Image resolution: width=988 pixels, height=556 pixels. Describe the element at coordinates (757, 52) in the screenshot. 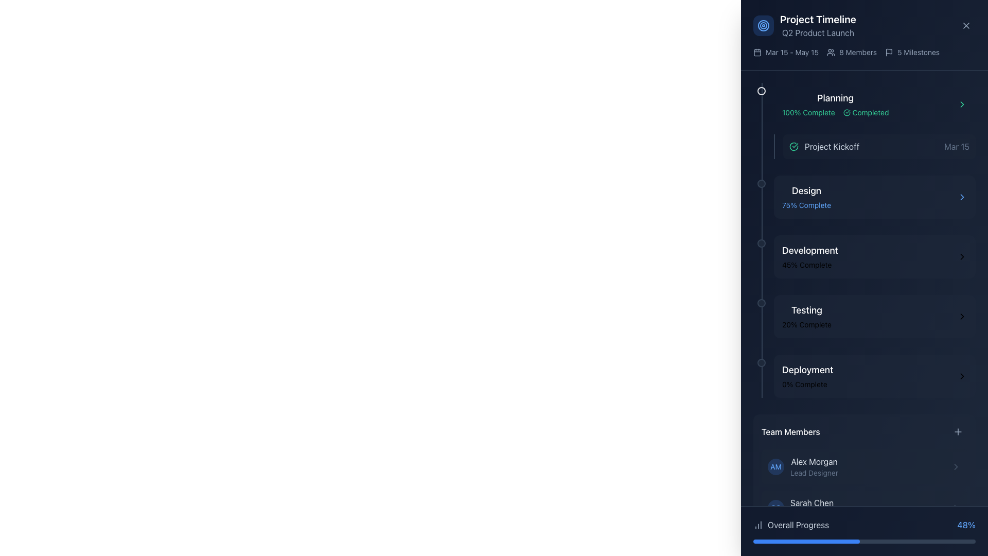

I see `the main rectangle of the calendar icon located near the label 'Mar 15 - May 15'` at that location.